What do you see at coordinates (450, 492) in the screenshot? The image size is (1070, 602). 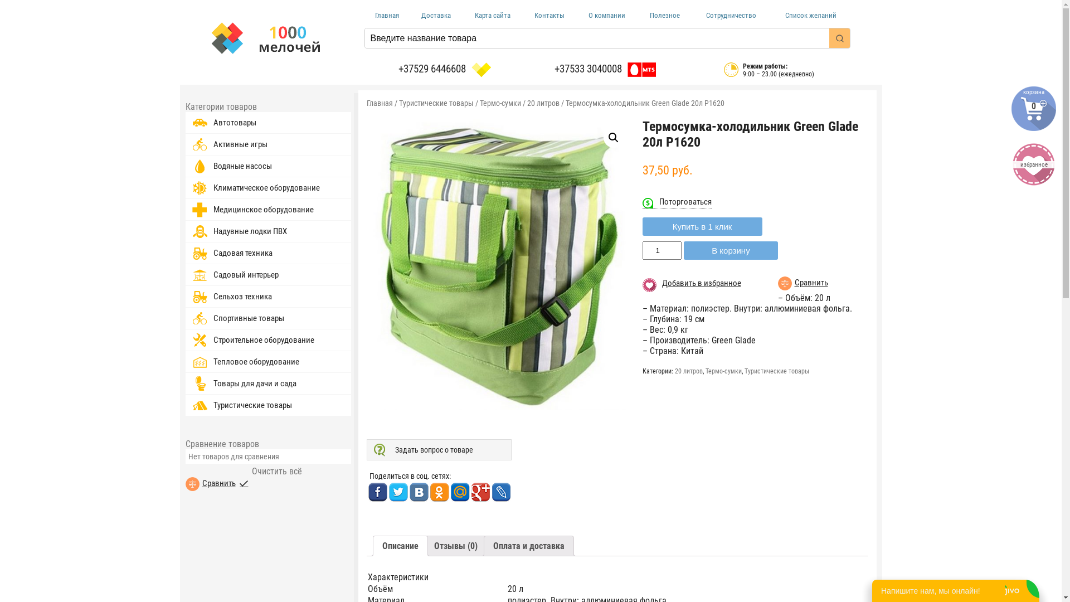 I see `'Mail.ru'` at bounding box center [450, 492].